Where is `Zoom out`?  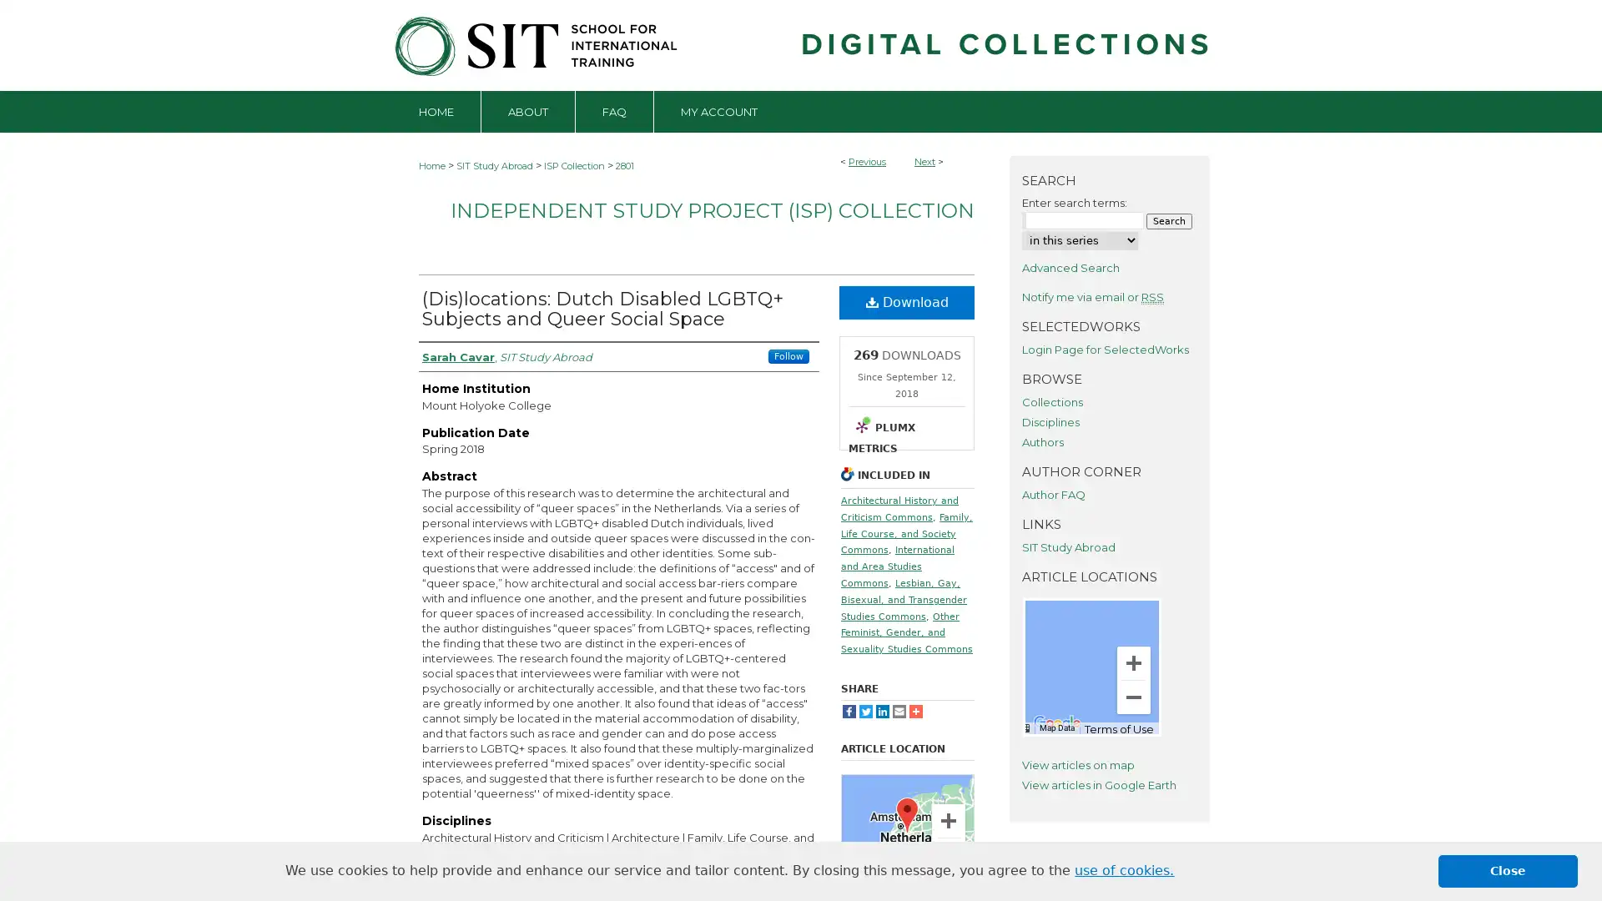 Zoom out is located at coordinates (1133, 696).